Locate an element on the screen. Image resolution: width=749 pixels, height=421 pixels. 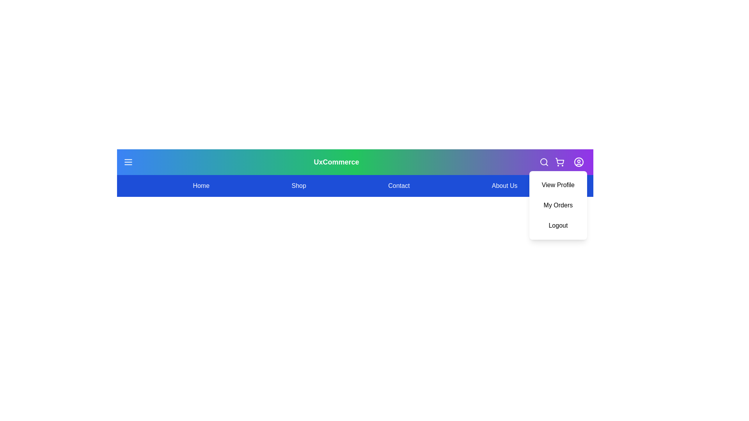
the menu item Shop to navigate to the corresponding section is located at coordinates (298, 186).